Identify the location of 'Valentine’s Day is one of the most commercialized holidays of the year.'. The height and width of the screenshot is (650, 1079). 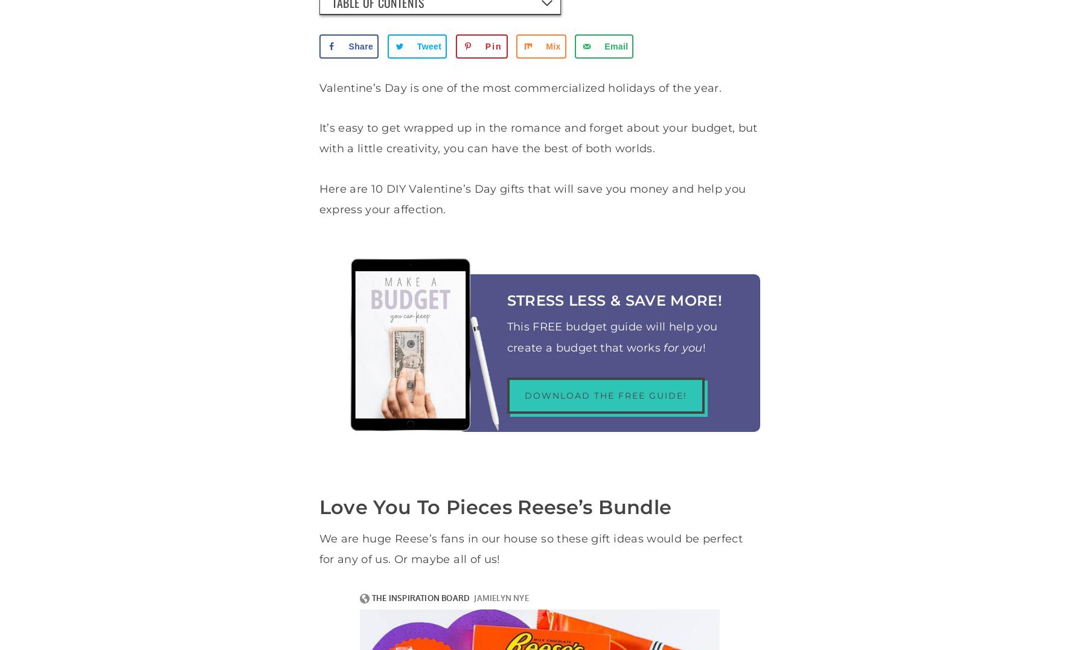
(520, 88).